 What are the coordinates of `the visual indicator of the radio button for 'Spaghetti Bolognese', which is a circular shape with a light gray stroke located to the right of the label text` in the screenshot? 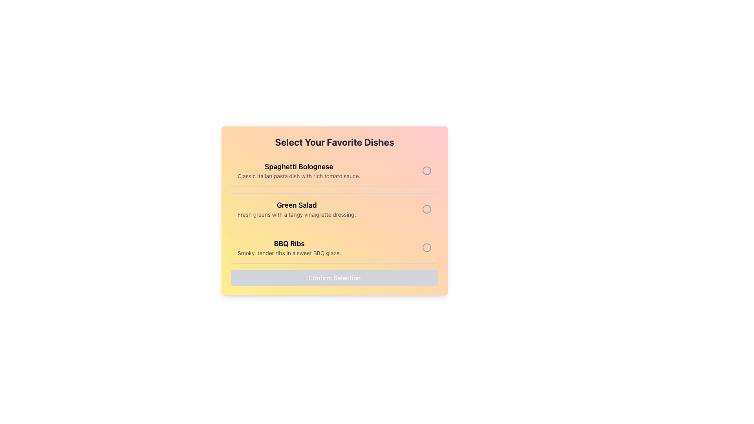 It's located at (426, 170).